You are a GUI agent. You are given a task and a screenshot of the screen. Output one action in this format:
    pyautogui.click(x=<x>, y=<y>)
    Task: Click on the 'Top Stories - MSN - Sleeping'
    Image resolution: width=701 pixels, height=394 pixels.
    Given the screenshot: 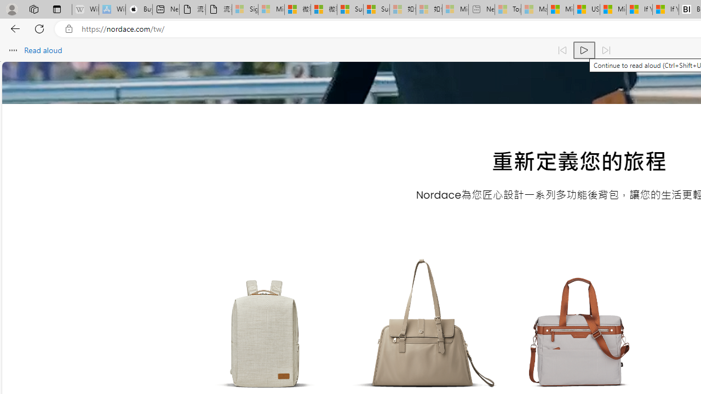 What is the action you would take?
    pyautogui.click(x=507, y=9)
    